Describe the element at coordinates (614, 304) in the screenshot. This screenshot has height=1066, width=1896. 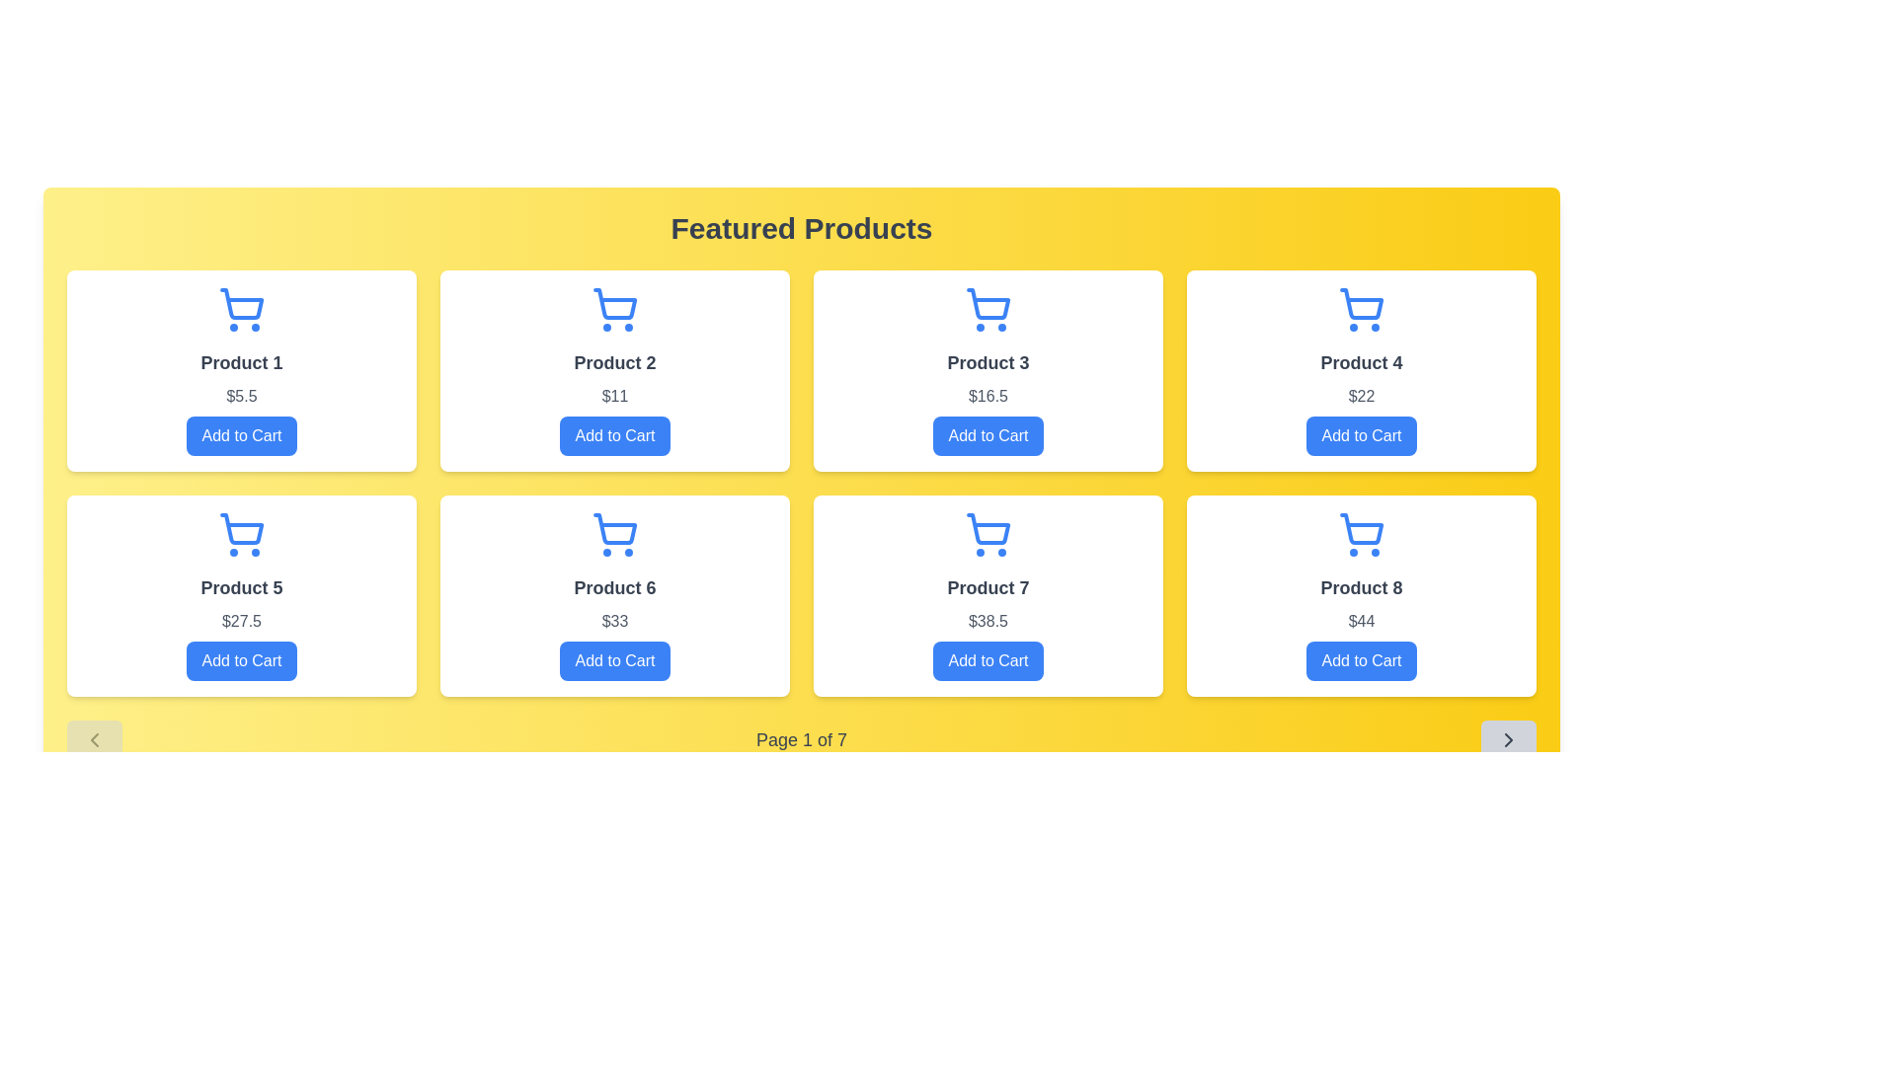
I see `the shopping cart icon, which is part of the product card for 'Product 2', located at the top center of the card with a blue outline style` at that location.